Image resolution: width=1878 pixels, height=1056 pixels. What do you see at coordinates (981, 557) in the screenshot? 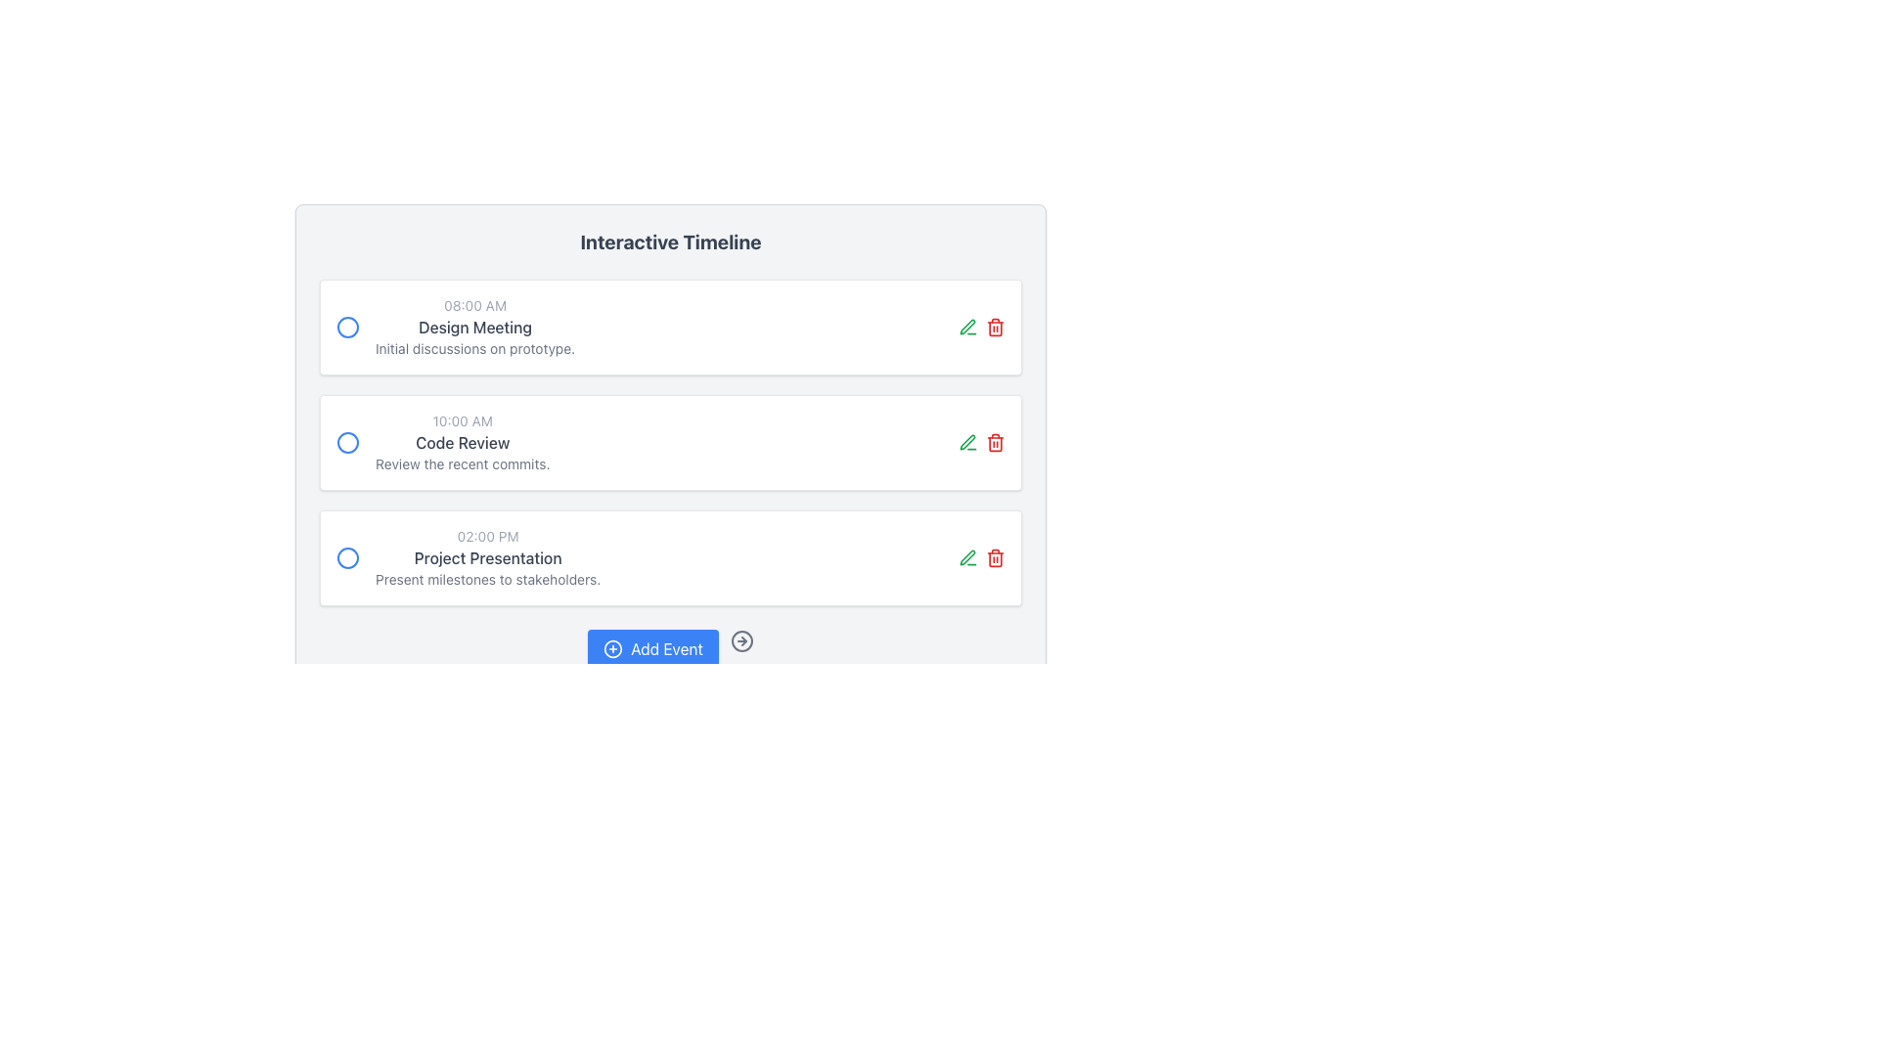
I see `the green pen icon located at the top-right corner of the 'Project Presentation' item` at bounding box center [981, 557].